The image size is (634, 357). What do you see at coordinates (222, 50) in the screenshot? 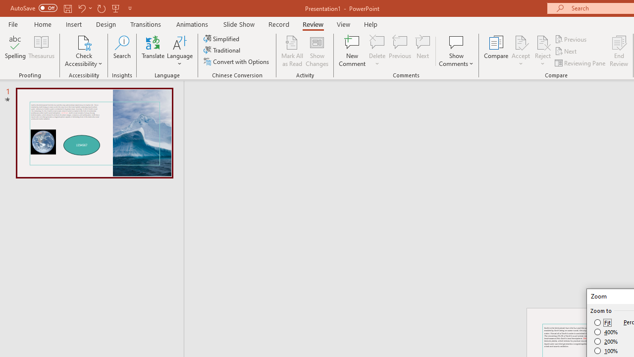
I see `'Traditional'` at bounding box center [222, 50].